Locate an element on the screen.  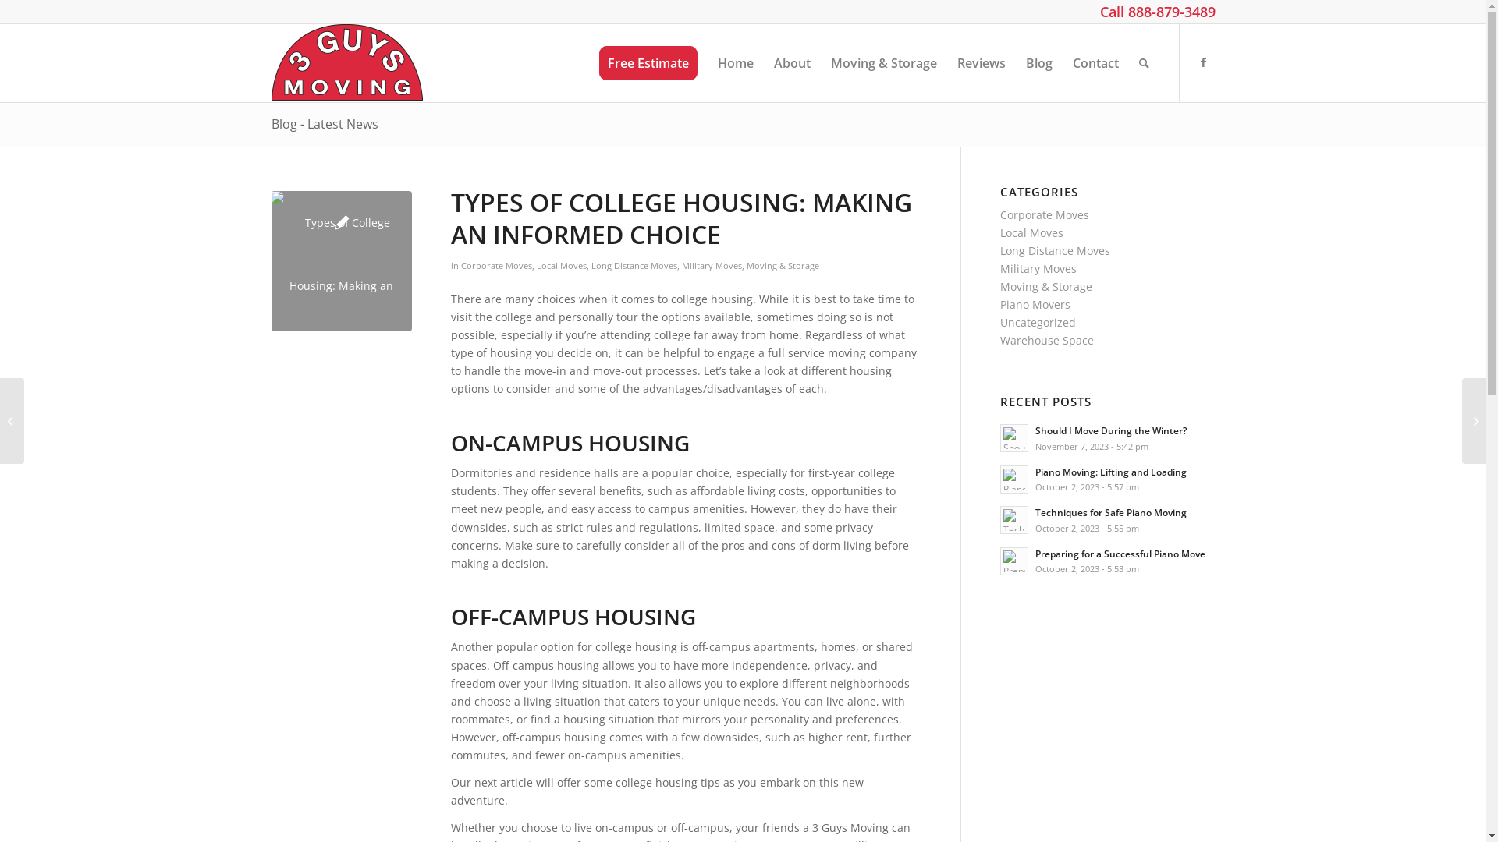
'Preparing for a Successful Piano Move 5' is located at coordinates (1014, 561).